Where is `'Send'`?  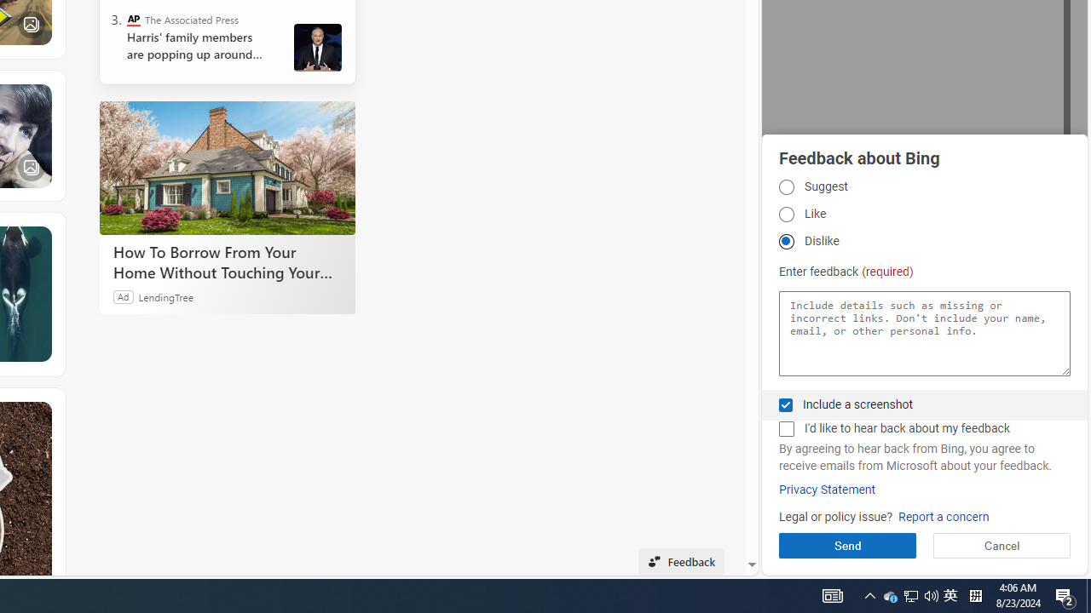 'Send' is located at coordinates (847, 545).